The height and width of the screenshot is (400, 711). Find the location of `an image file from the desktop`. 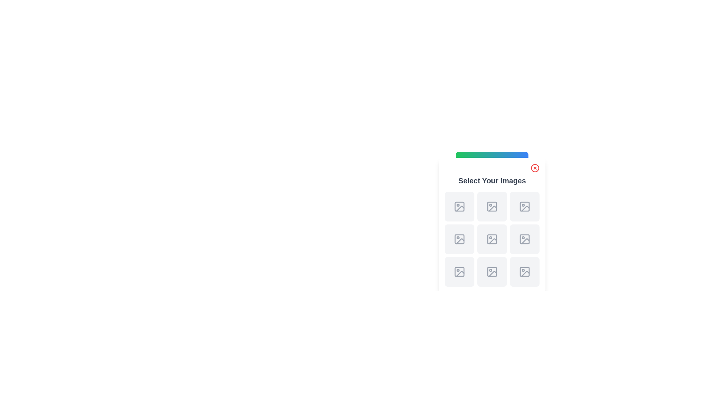

an image file from the desktop is located at coordinates (459, 207).